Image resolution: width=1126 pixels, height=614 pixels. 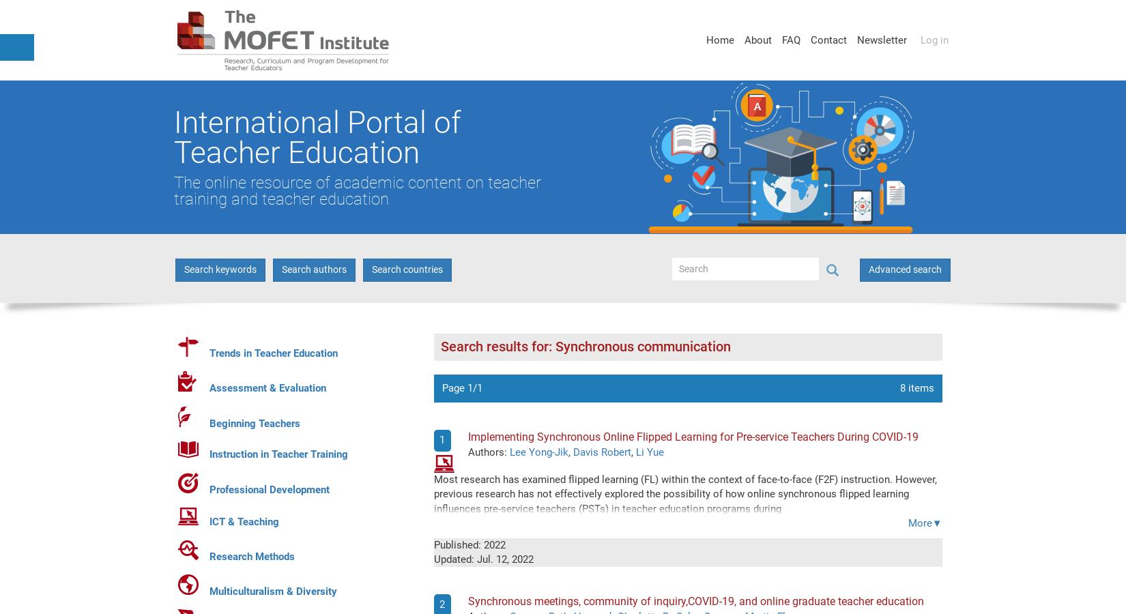 I want to click on 'ICT & Teaching', so click(x=209, y=521).